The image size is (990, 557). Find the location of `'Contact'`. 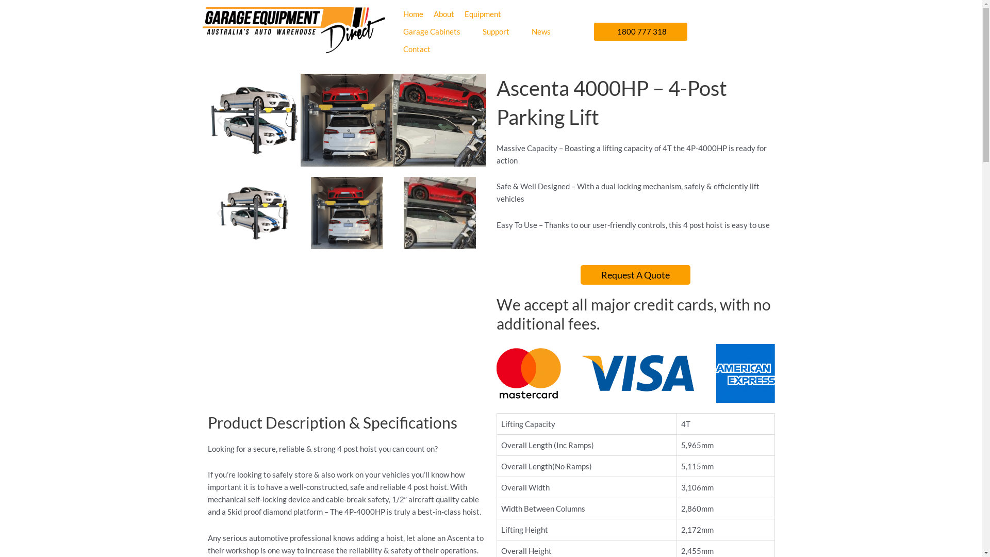

'Contact' is located at coordinates (417, 49).